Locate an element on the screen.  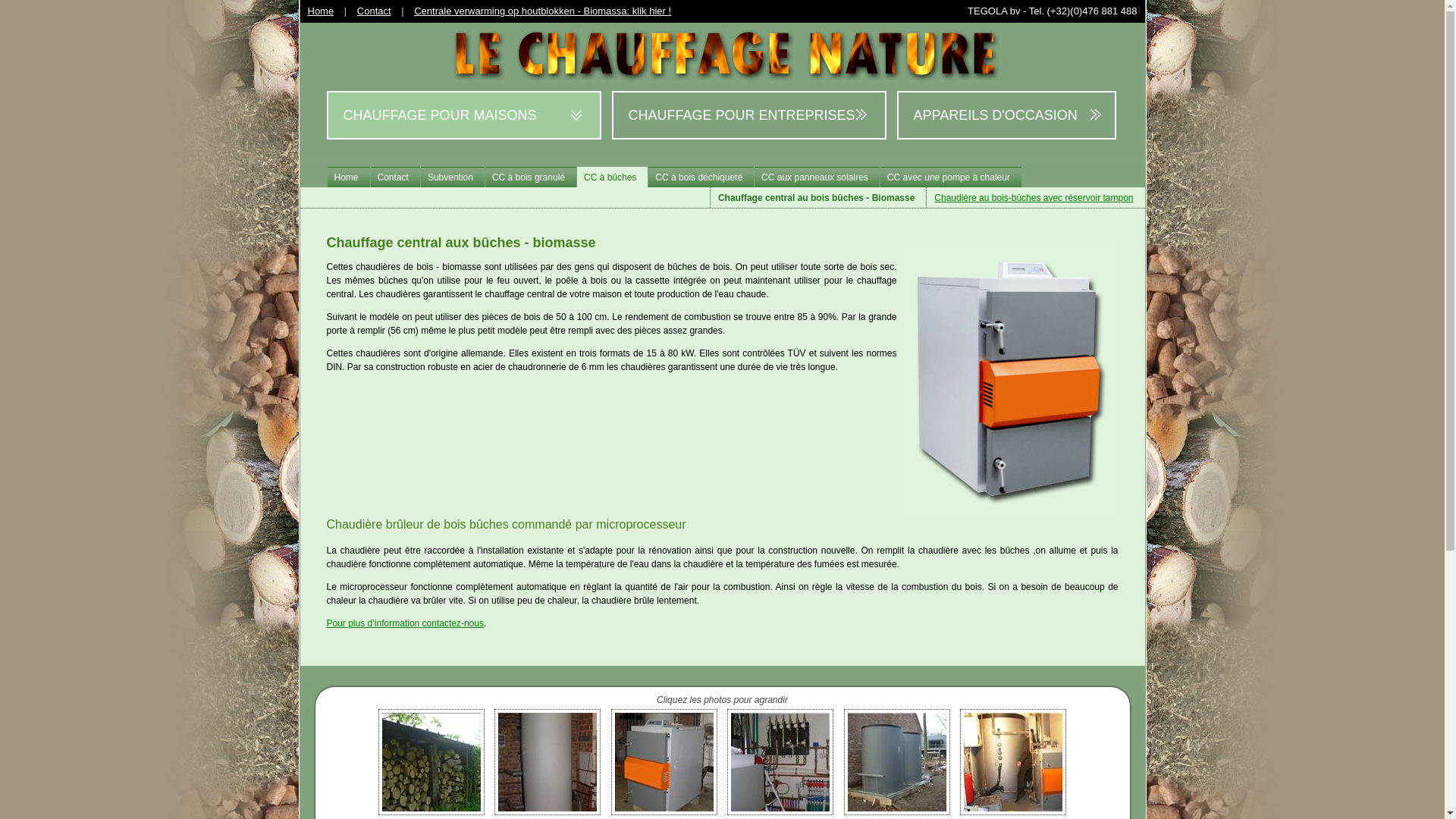
'APPAREILS D'OCCASION' is located at coordinates (997, 114).